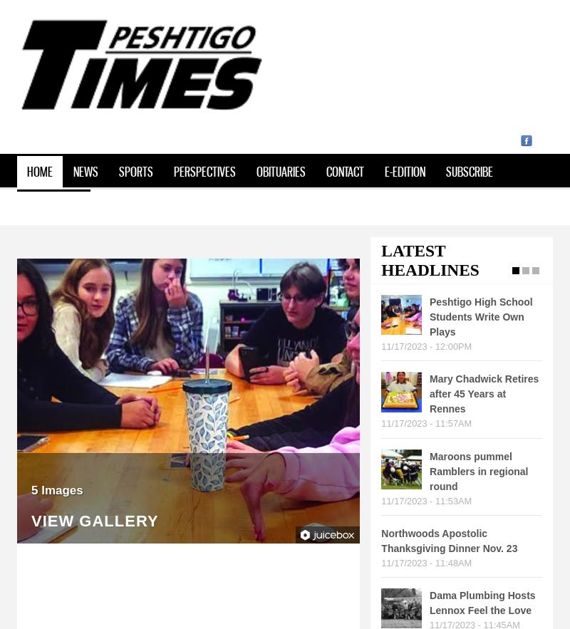 Image resolution: width=570 pixels, height=629 pixels. I want to click on 'Peshtigo High School Students Write Own Plays', so click(481, 316).